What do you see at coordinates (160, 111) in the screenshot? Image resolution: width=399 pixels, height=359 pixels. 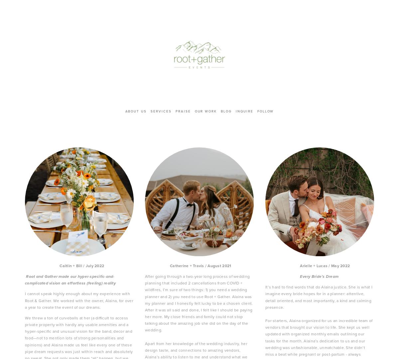 I see `'services'` at bounding box center [160, 111].